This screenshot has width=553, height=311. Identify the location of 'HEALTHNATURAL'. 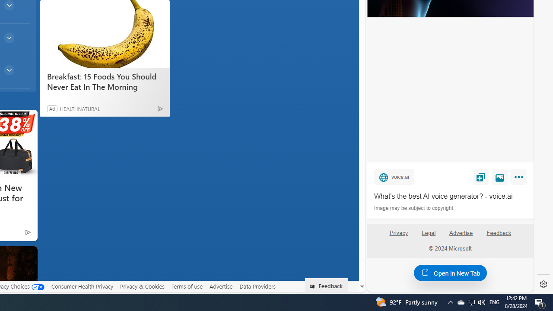
(79, 108).